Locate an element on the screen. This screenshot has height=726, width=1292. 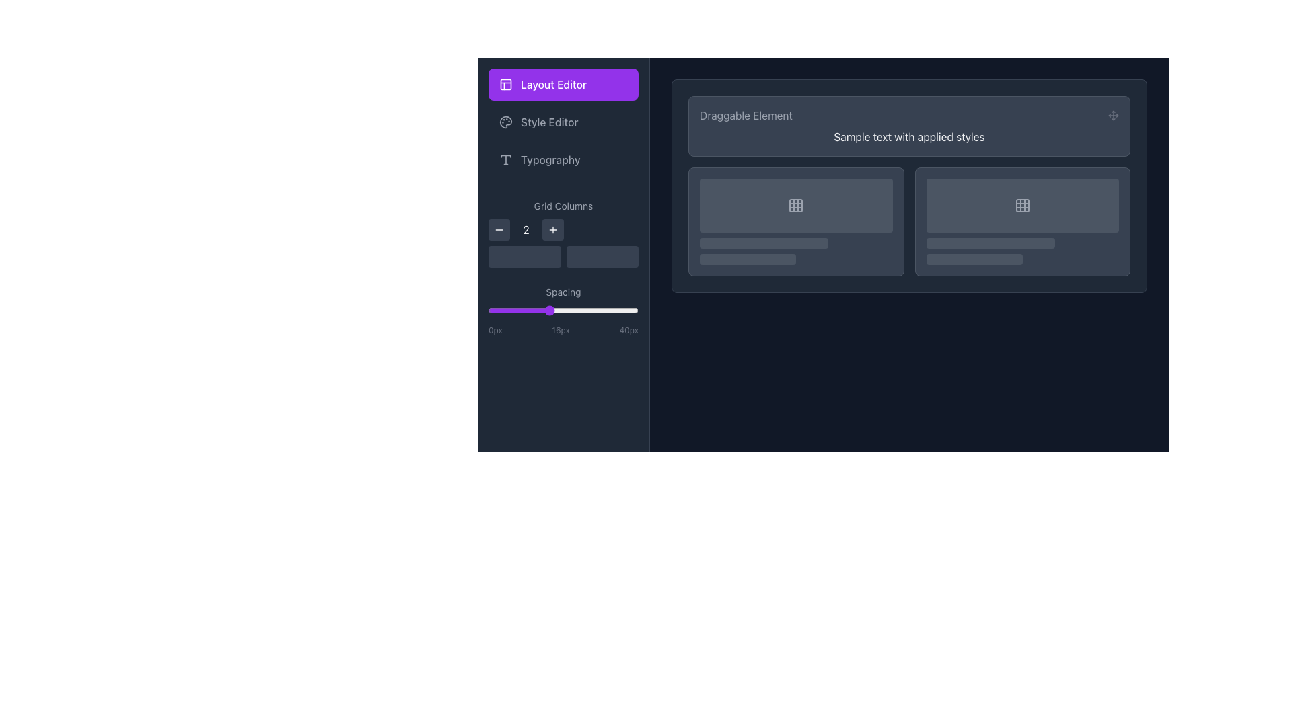
the minus icon button located in the left-side control panel is located at coordinates (499, 229).